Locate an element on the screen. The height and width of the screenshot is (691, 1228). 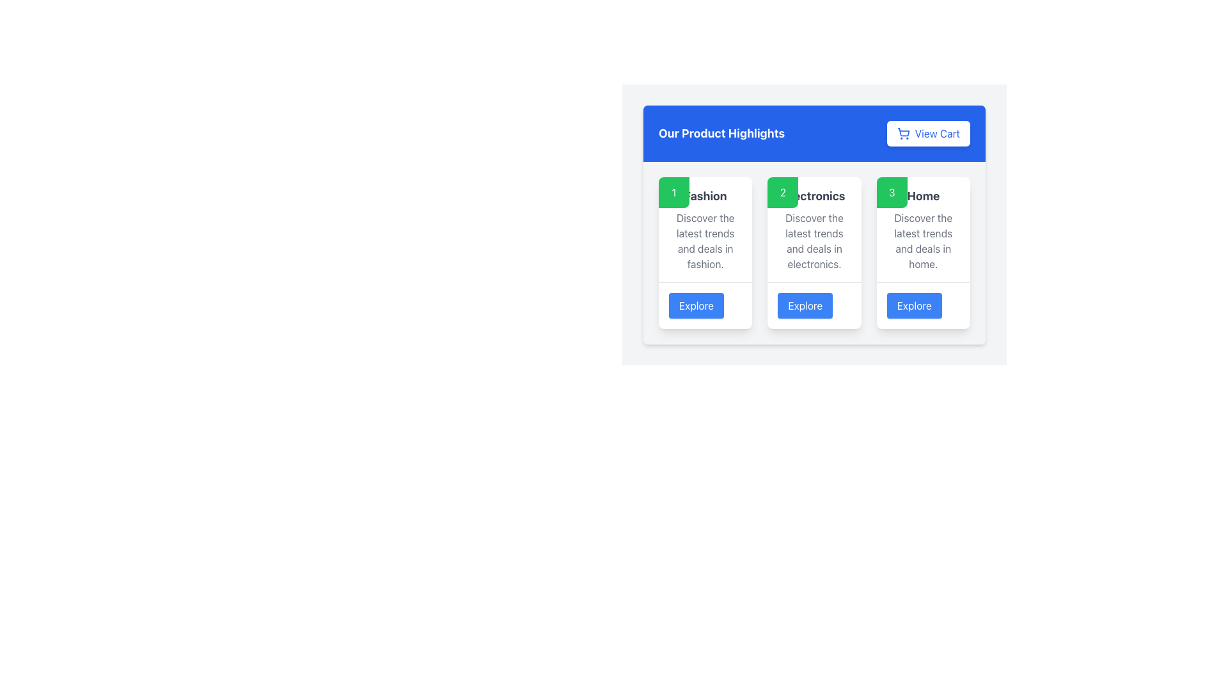
the button located at the bottom of the first card in a grid of three cards is located at coordinates (705, 305).